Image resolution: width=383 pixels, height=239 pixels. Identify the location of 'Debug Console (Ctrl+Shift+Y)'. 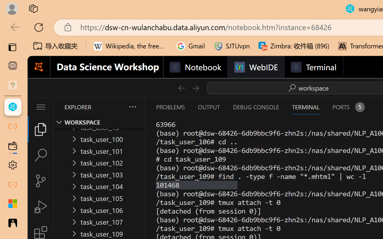
(256, 107).